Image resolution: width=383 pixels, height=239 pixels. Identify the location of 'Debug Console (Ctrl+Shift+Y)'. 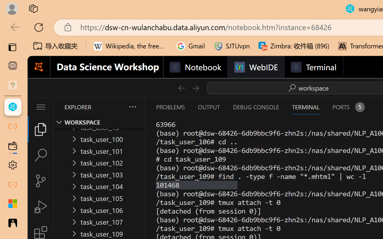
(256, 107).